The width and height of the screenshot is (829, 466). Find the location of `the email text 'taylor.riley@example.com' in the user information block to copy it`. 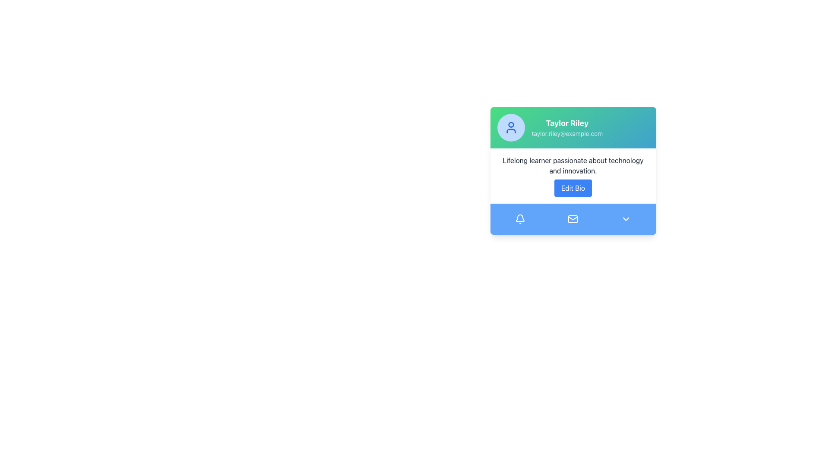

the email text 'taylor.riley@example.com' in the user information block to copy it is located at coordinates (567, 128).